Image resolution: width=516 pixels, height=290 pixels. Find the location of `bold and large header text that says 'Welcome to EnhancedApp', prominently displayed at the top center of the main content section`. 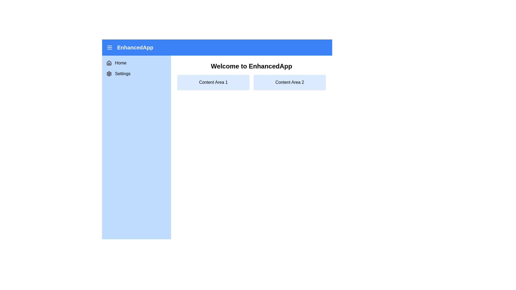

bold and large header text that says 'Welcome to EnhancedApp', prominently displayed at the top center of the main content section is located at coordinates (251, 66).